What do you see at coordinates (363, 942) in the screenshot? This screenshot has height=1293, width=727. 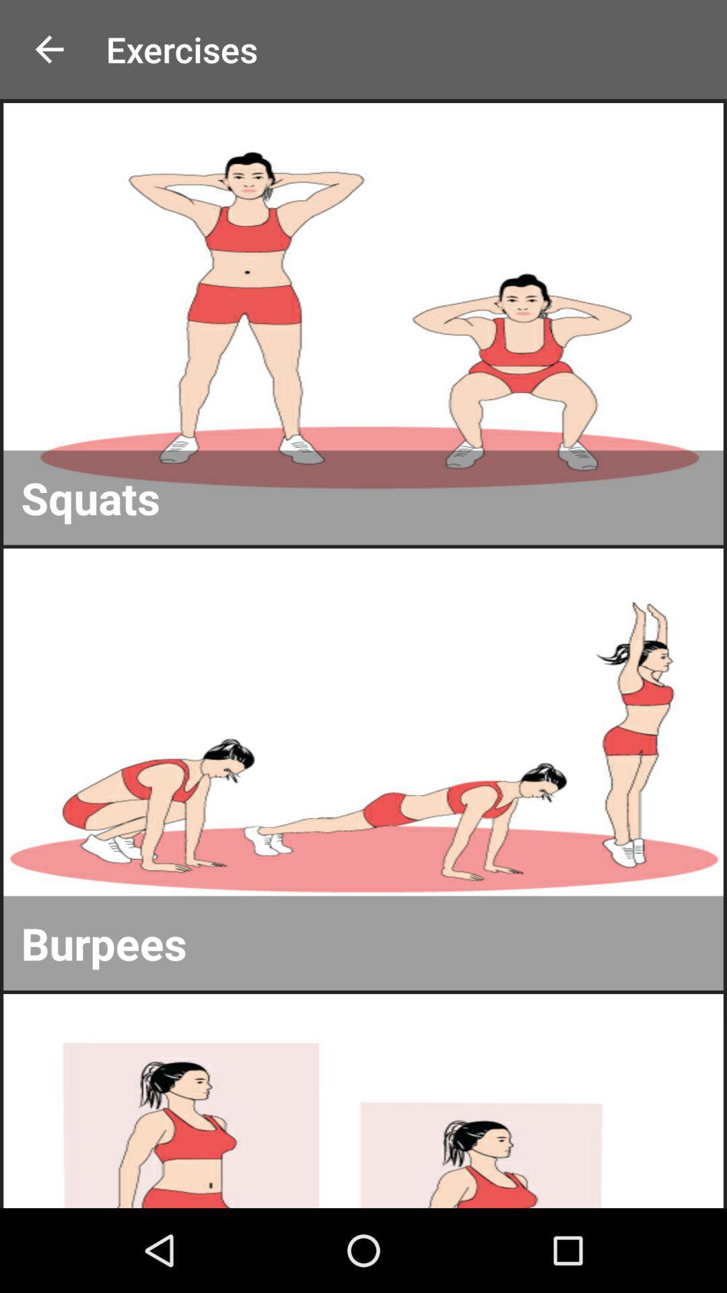 I see `burpees app` at bounding box center [363, 942].